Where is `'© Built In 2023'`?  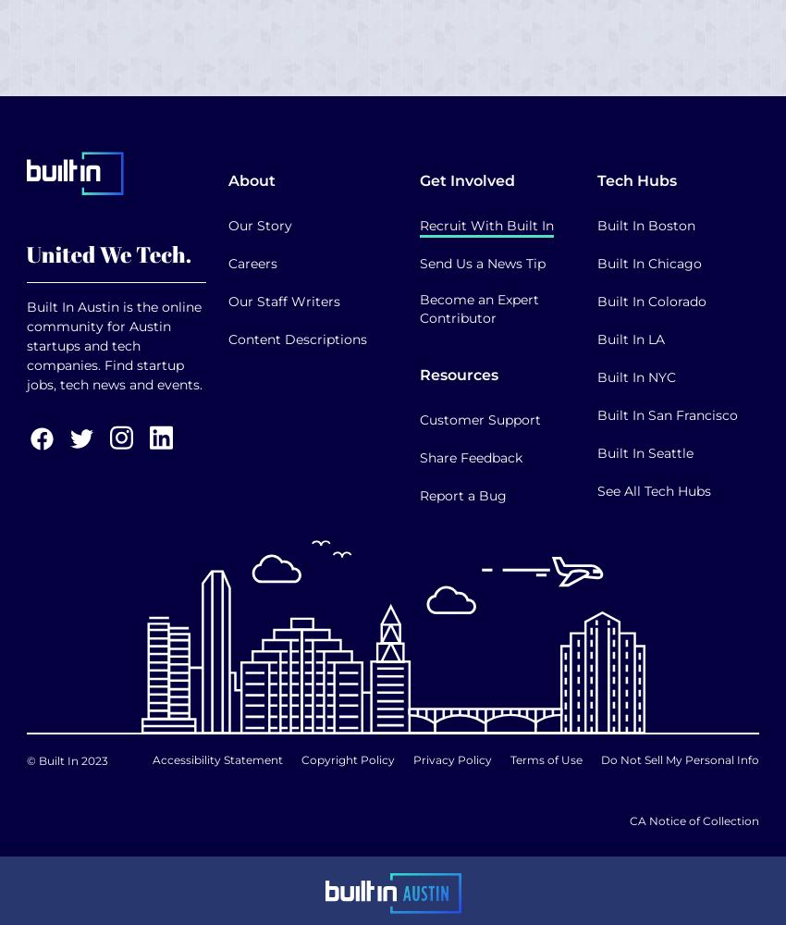 '© Built In 2023' is located at coordinates (68, 759).